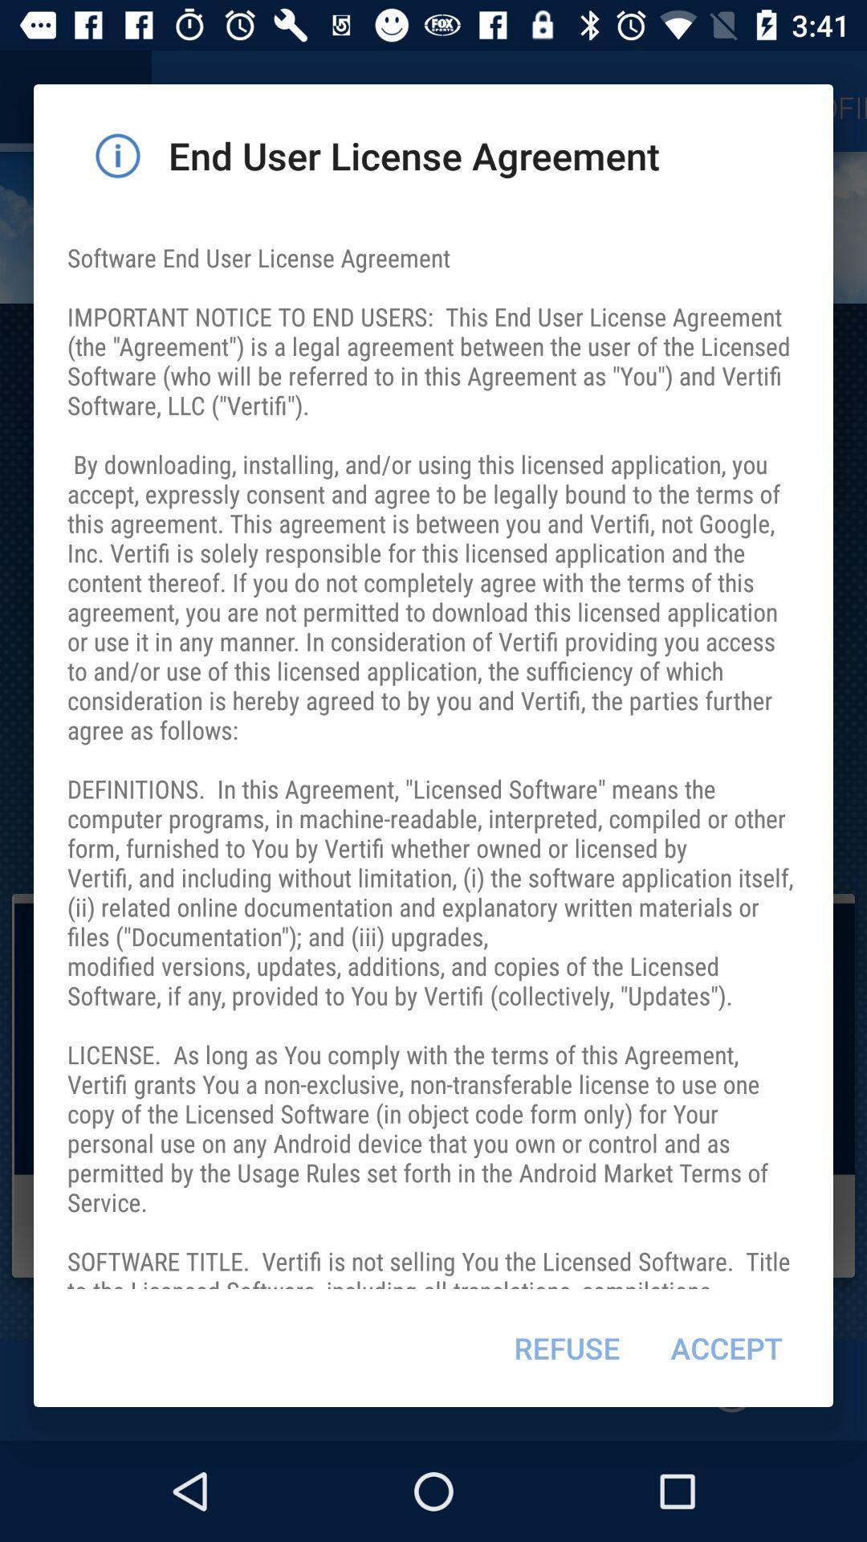 This screenshot has width=867, height=1542. Describe the element at coordinates (727, 1348) in the screenshot. I see `the item next to refuse item` at that location.